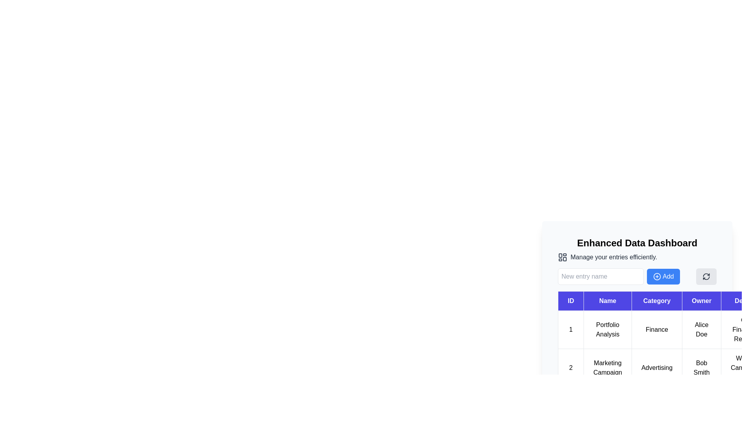 This screenshot has height=425, width=756. What do you see at coordinates (637, 312) in the screenshot?
I see `the 'Category' cell` at bounding box center [637, 312].